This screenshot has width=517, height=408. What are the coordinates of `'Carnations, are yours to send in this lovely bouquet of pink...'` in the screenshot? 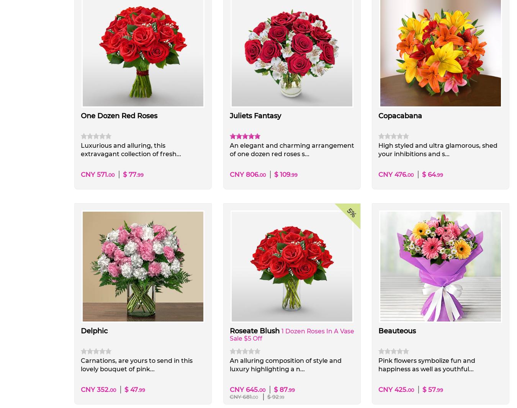 It's located at (136, 364).